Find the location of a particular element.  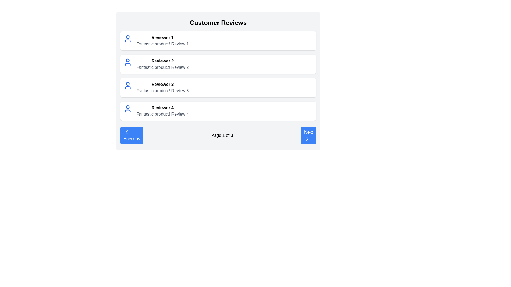

the rectangular blue 'Previous' button with white text and a leftward-pointing chevron icon is located at coordinates (132, 135).